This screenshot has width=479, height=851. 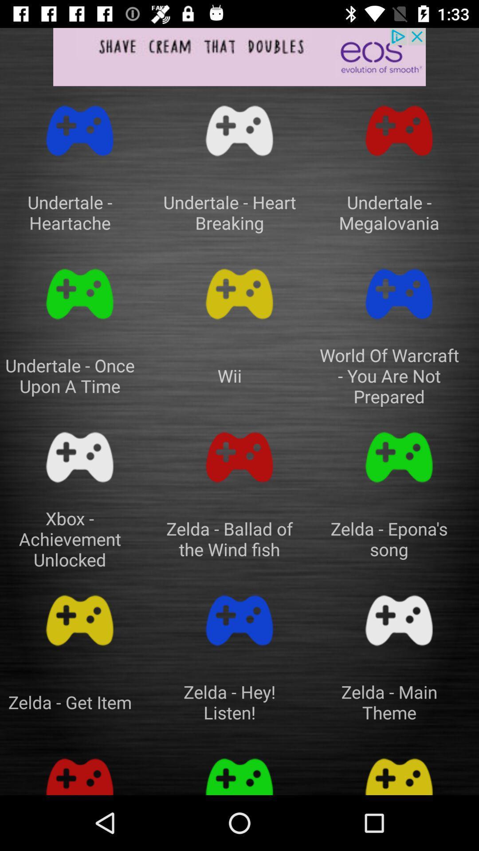 I want to click on games, so click(x=398, y=457).